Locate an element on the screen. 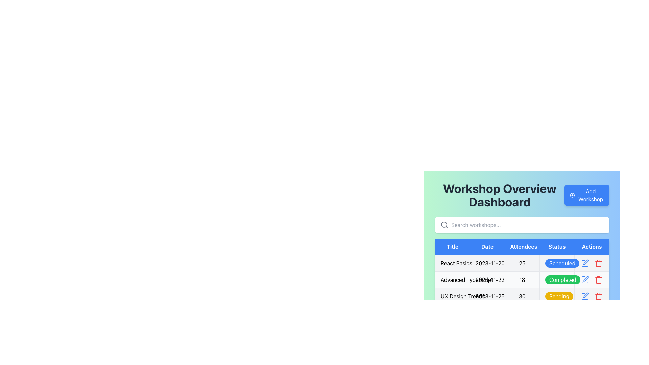 This screenshot has width=649, height=365. the Static Text Element displaying the number '18' in black text, located in the 'Attendees' column of the row labeled 'Advanced TypeScript' is located at coordinates (522, 280).